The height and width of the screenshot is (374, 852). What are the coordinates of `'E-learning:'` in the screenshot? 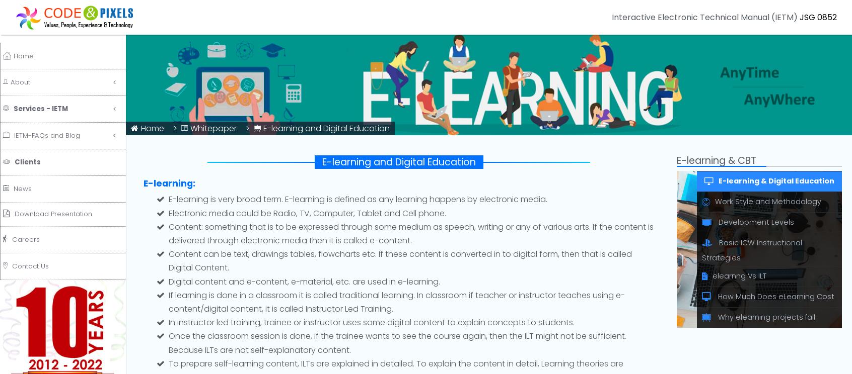 It's located at (169, 183).